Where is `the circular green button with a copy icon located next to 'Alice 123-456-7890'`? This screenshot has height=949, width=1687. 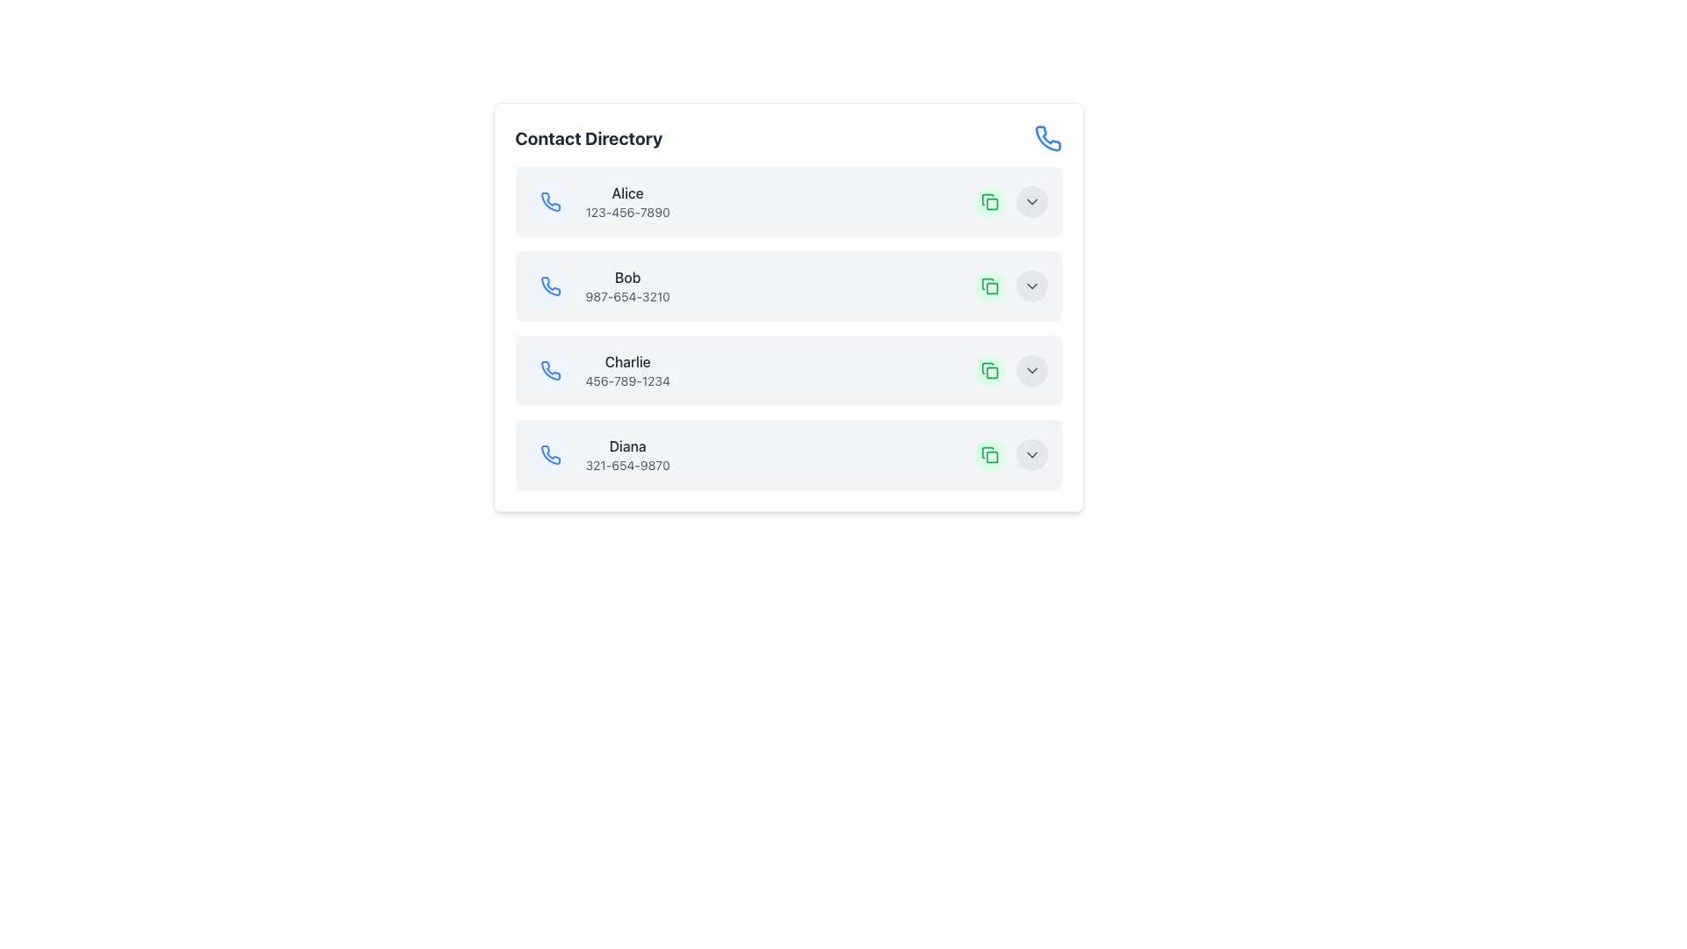 the circular green button with a copy icon located next to 'Alice 123-456-7890' is located at coordinates (989, 201).